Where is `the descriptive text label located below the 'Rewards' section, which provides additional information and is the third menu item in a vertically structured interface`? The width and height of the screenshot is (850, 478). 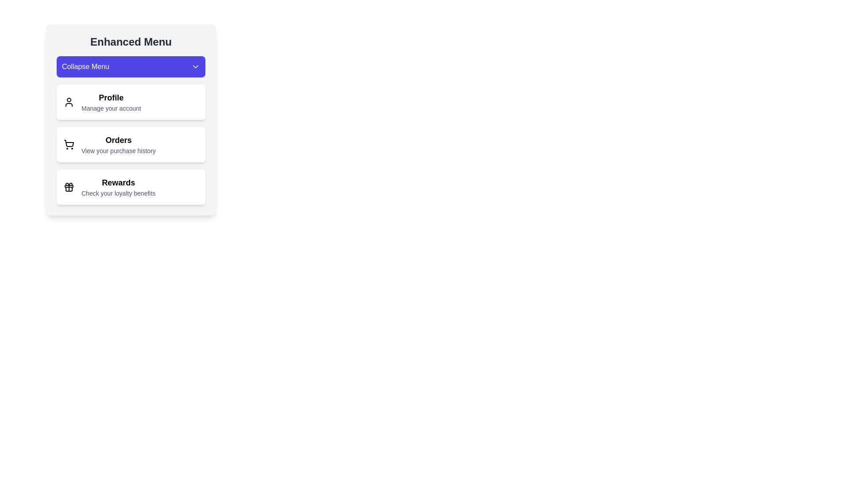 the descriptive text label located below the 'Rewards' section, which provides additional information and is the third menu item in a vertically structured interface is located at coordinates (118, 193).